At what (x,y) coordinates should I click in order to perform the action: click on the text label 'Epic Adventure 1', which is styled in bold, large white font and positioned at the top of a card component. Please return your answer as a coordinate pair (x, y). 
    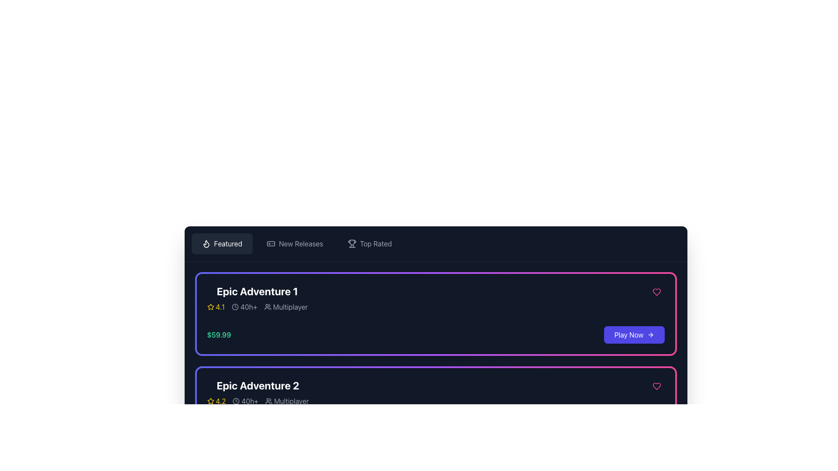
    Looking at the image, I should click on (257, 291).